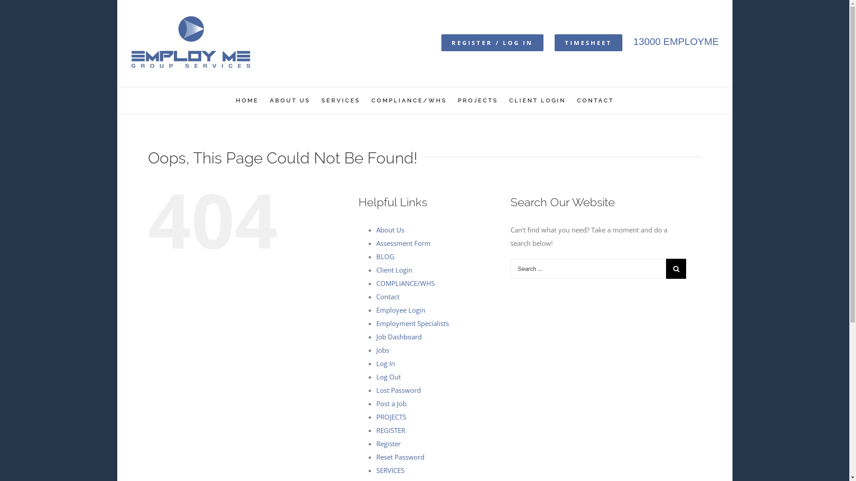 This screenshot has height=481, width=856. I want to click on 'COMPLIANCE/WHS', so click(408, 100).